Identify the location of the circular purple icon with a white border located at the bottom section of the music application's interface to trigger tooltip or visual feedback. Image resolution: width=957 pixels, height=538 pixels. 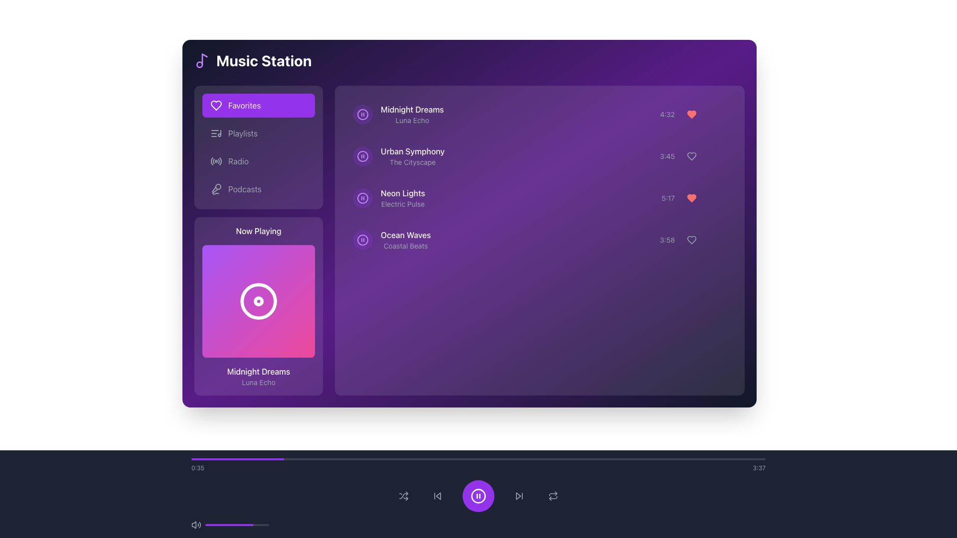
(478, 496).